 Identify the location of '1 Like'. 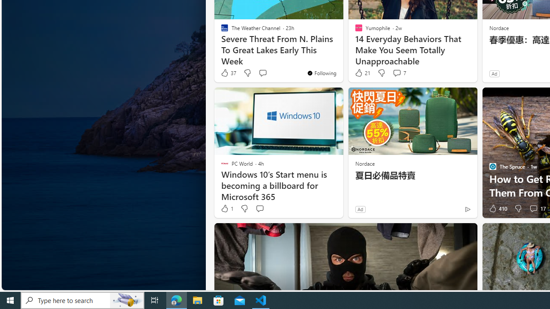
(226, 209).